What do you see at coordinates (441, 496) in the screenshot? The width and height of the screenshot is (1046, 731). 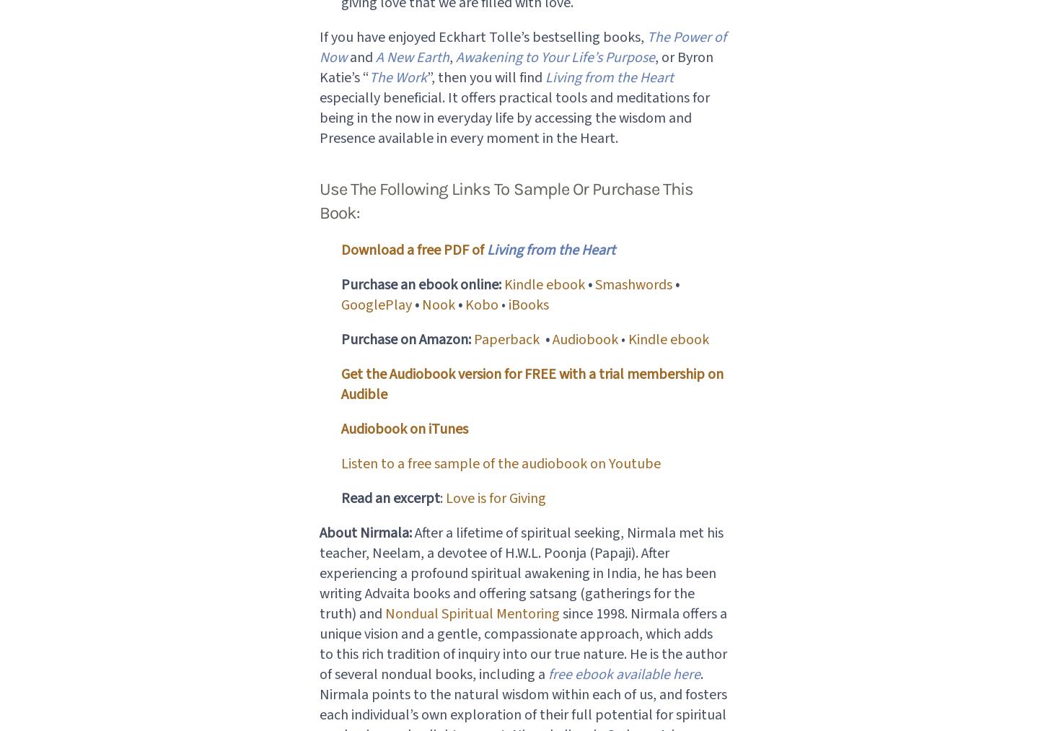 I see `':'` at bounding box center [441, 496].